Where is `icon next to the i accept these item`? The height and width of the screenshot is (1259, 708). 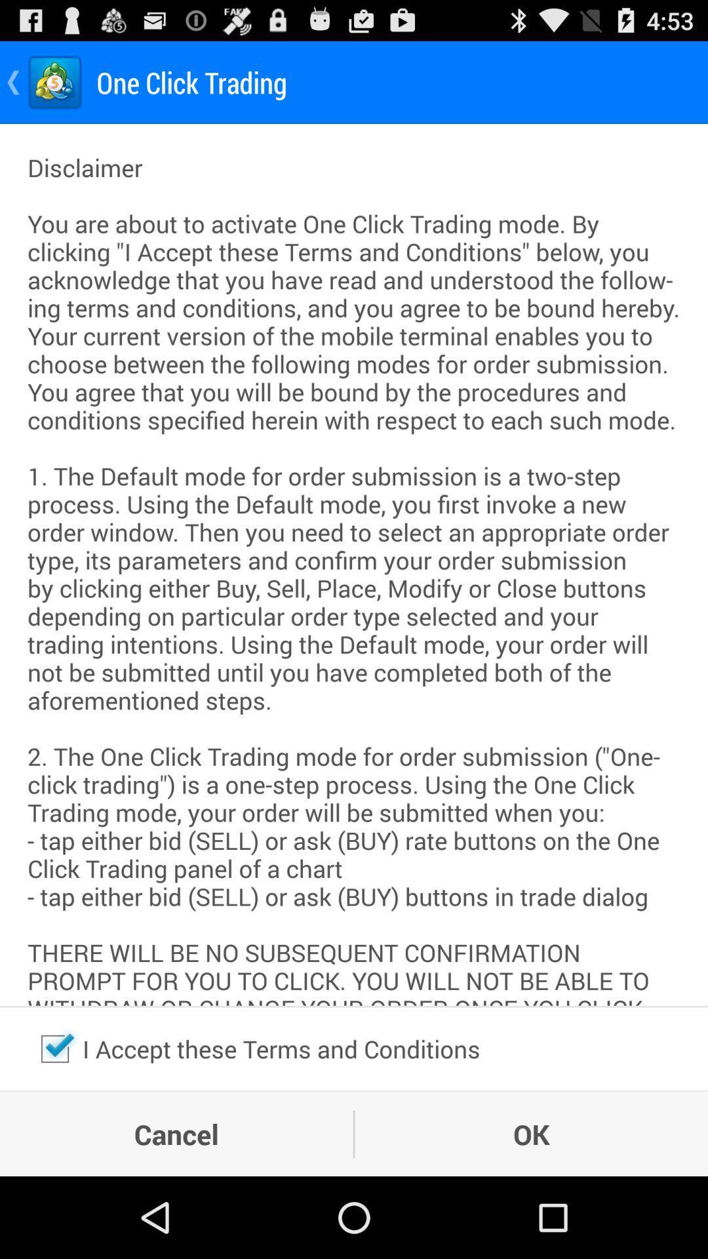
icon next to the i accept these item is located at coordinates (54, 1048).